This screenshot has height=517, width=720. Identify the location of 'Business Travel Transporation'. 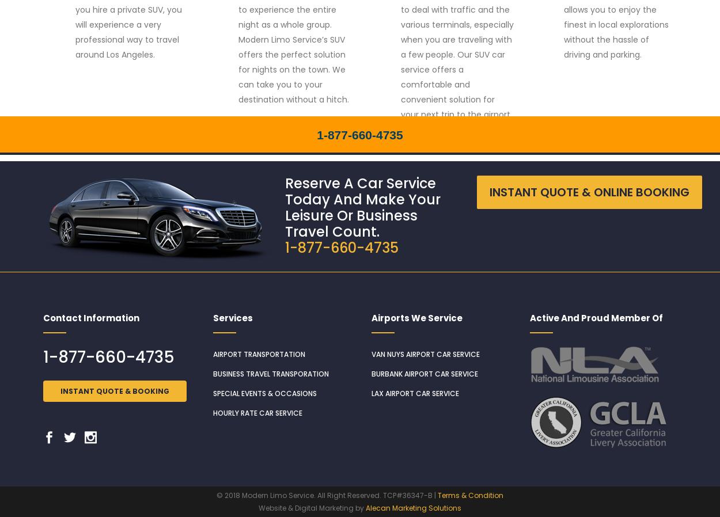
(213, 373).